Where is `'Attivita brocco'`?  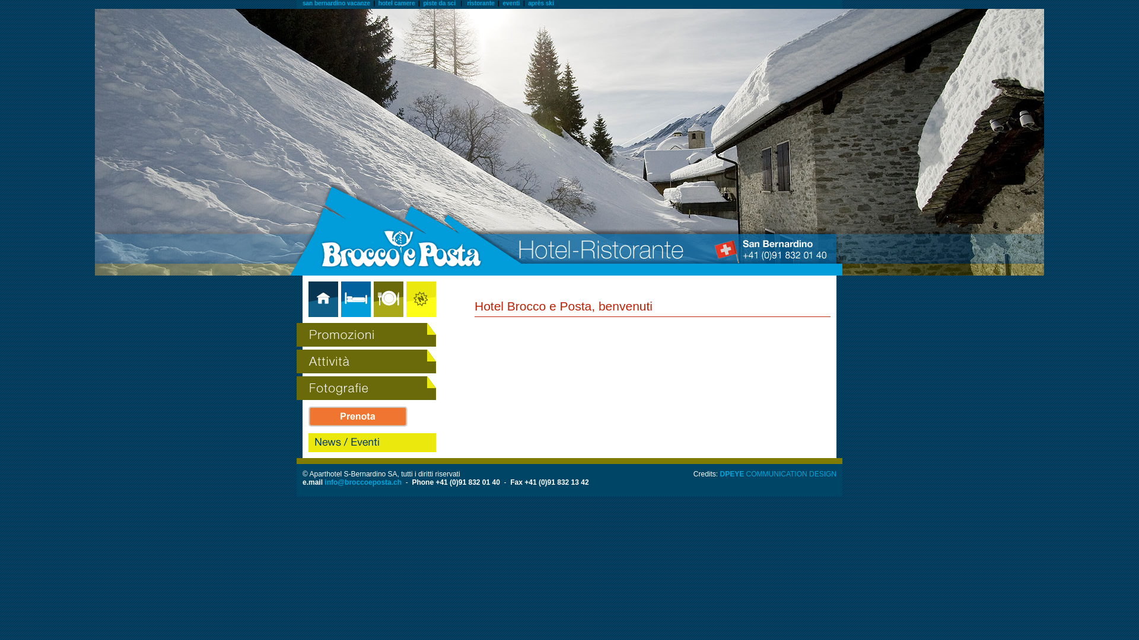
'Attivita brocco' is located at coordinates (290, 360).